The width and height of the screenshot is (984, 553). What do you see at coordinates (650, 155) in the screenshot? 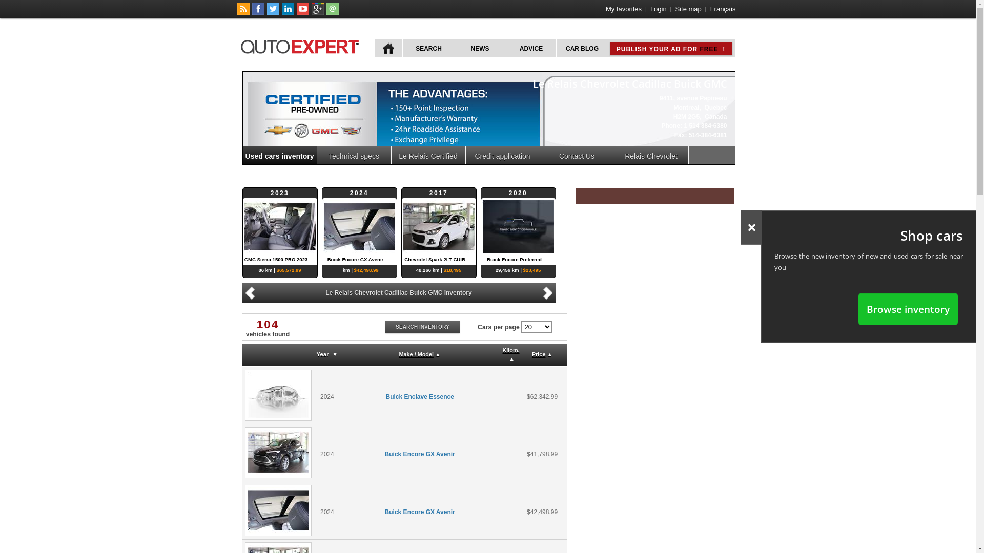
I see `'Relais Chevrolet'` at bounding box center [650, 155].